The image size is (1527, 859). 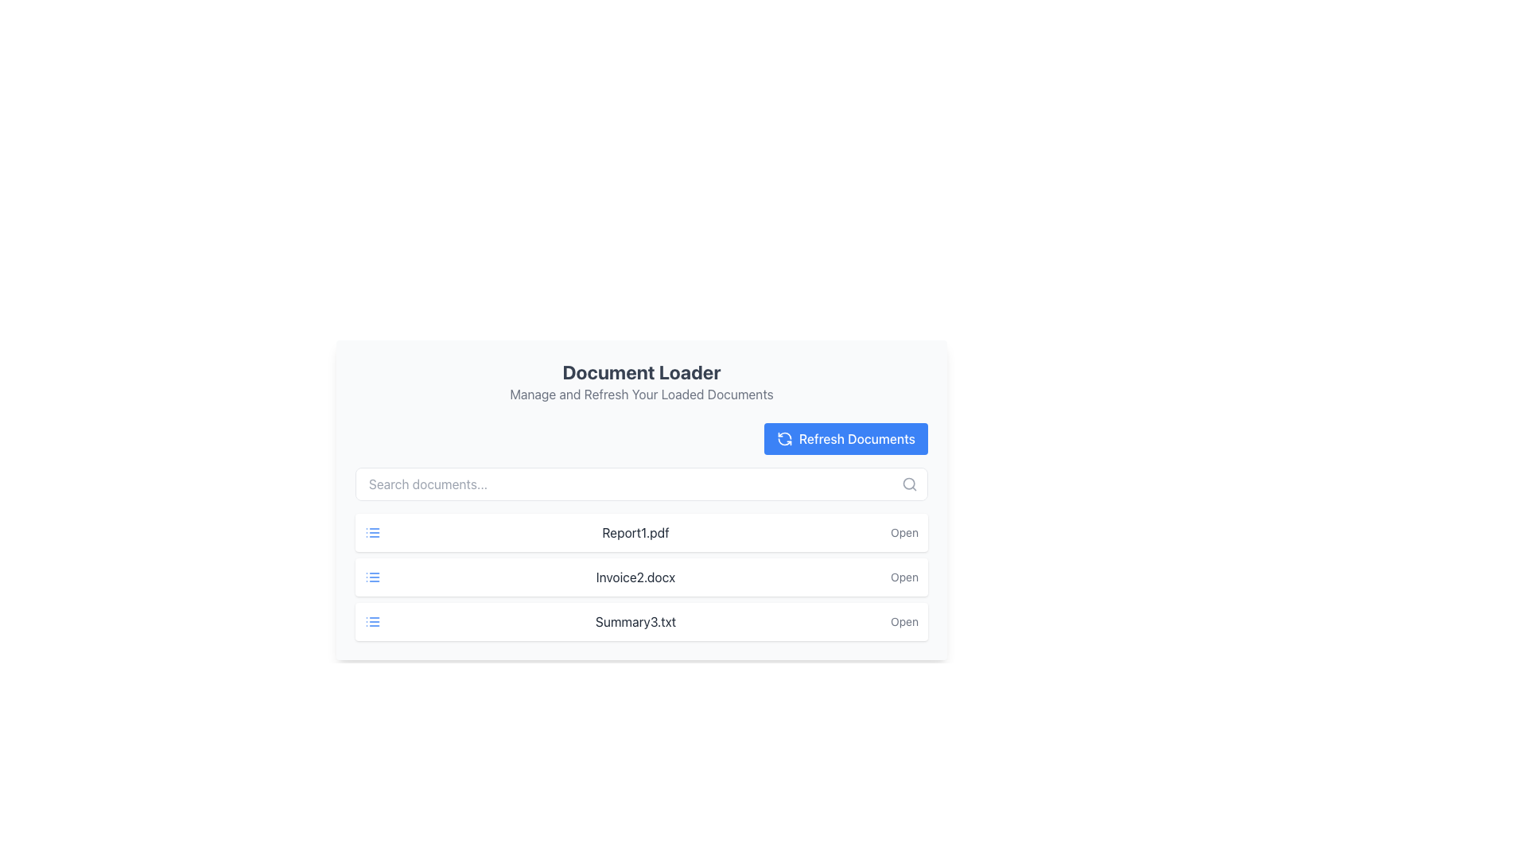 I want to click on the text label displaying the document name 'Summary3.txt', which is the third entry in the list of documents, so click(x=635, y=621).